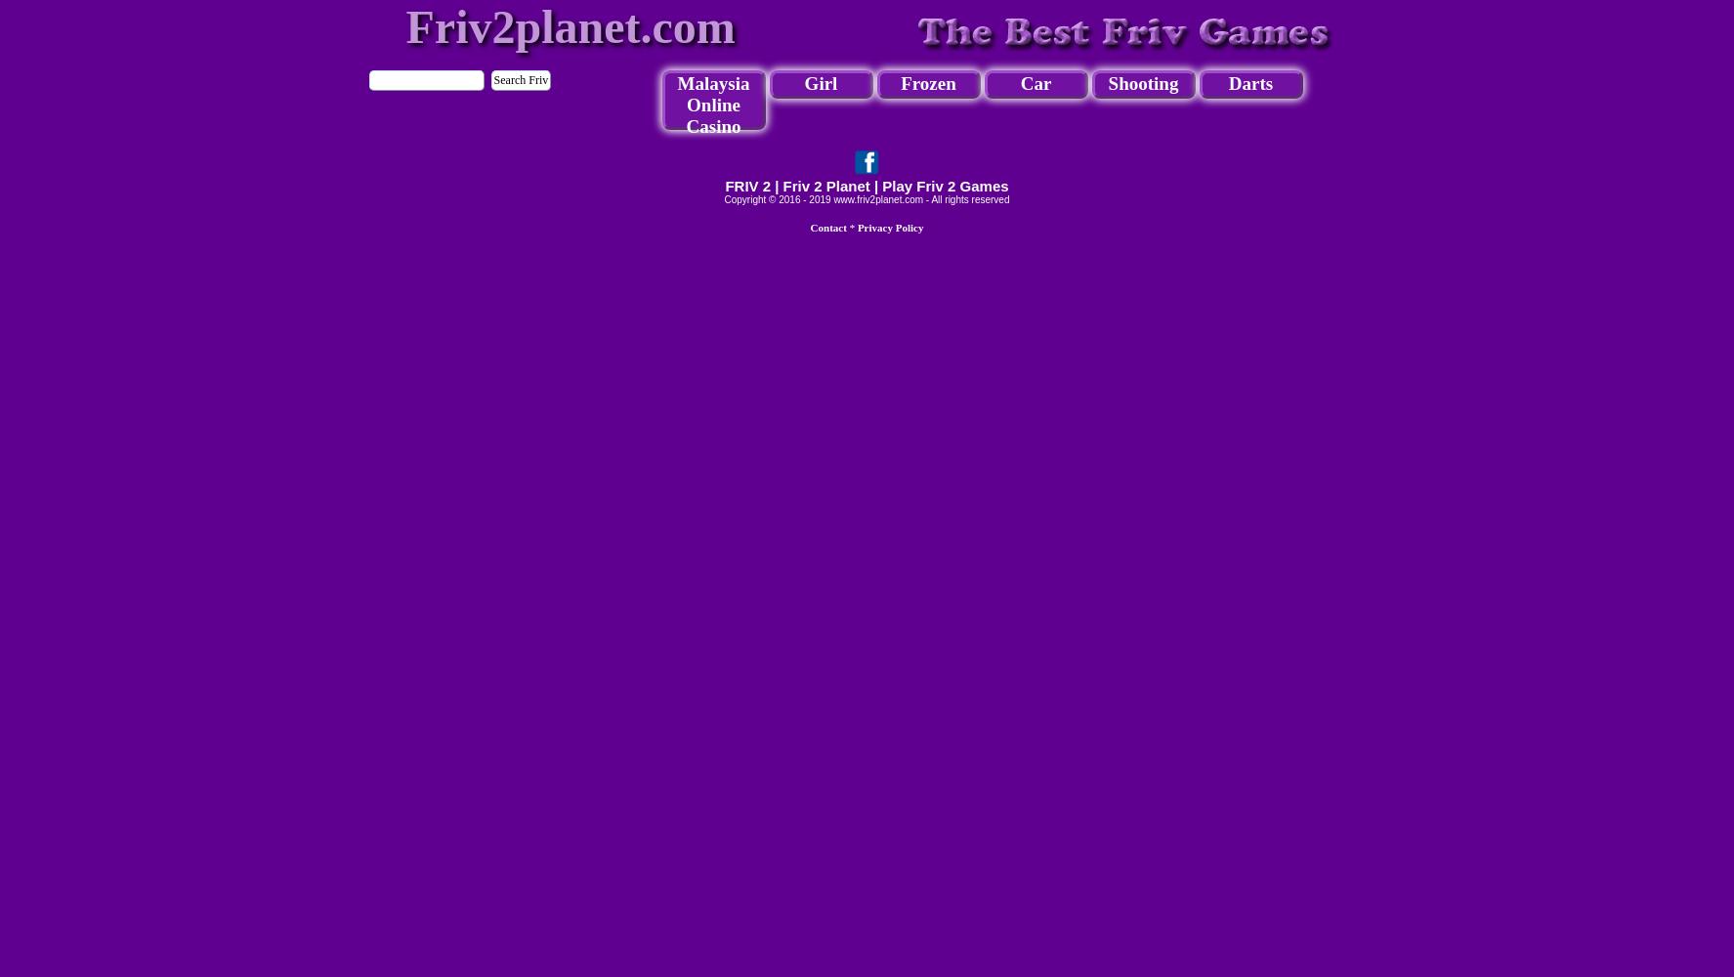 Image resolution: width=1734 pixels, height=977 pixels. Describe the element at coordinates (889, 227) in the screenshot. I see `'Privacy Policy'` at that location.